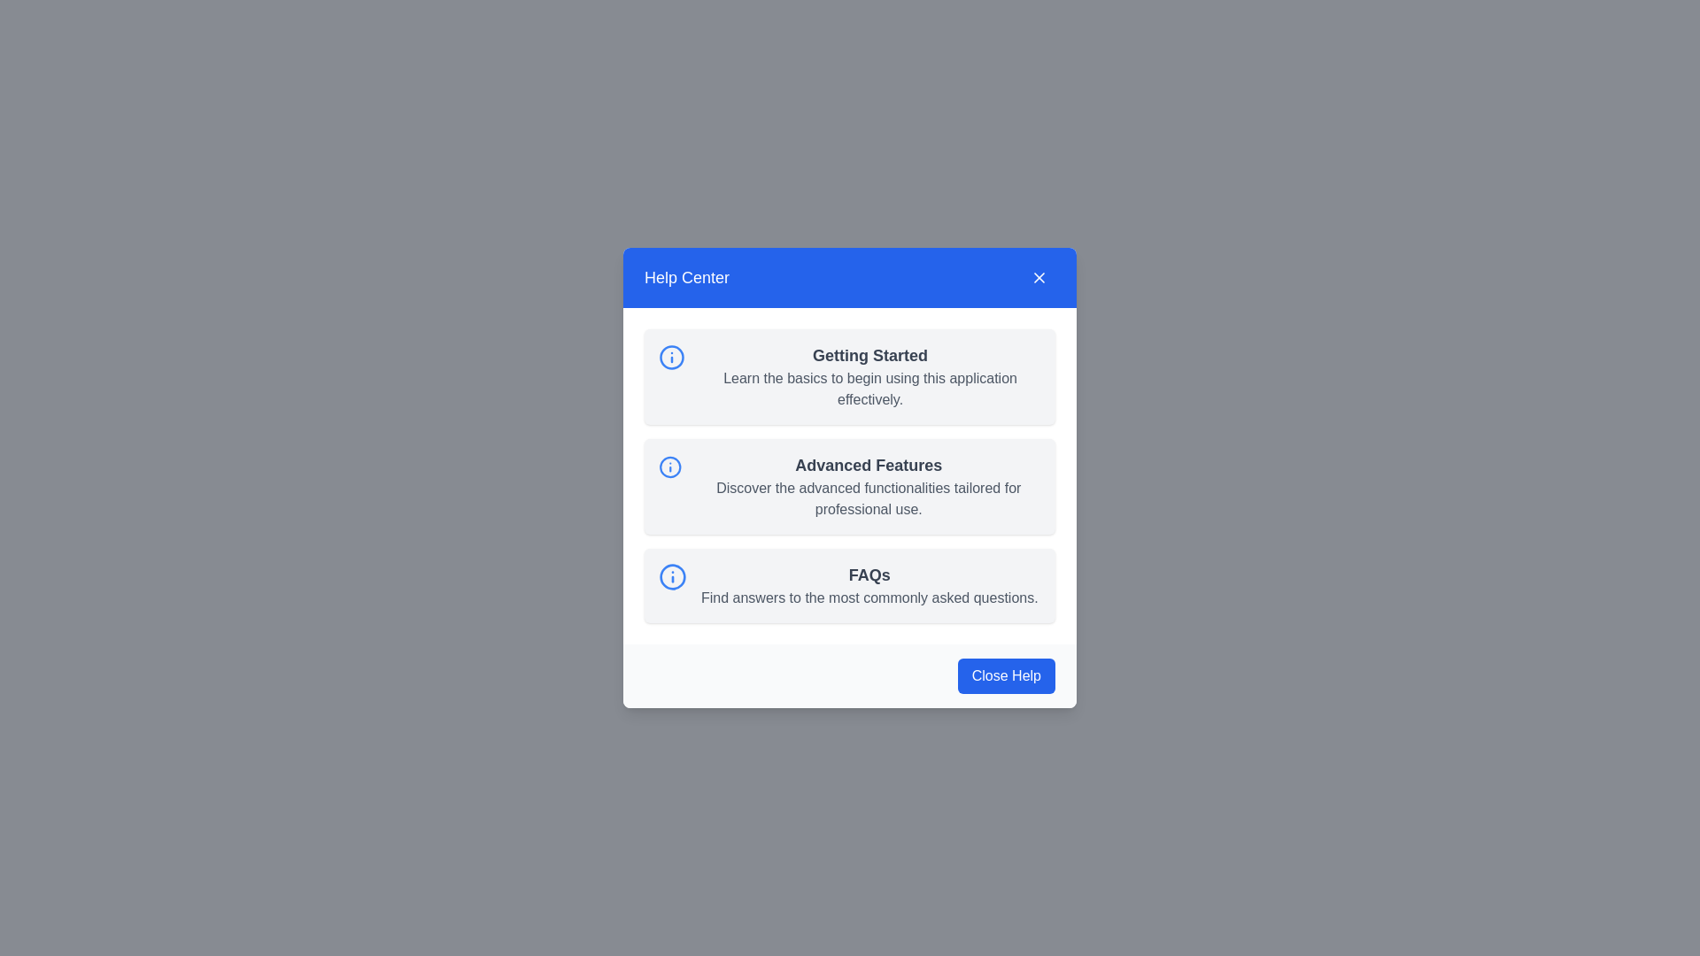 This screenshot has width=1700, height=956. What do you see at coordinates (850, 375) in the screenshot?
I see `the first informational list item in the 'Help Center' popup dialog box` at bounding box center [850, 375].